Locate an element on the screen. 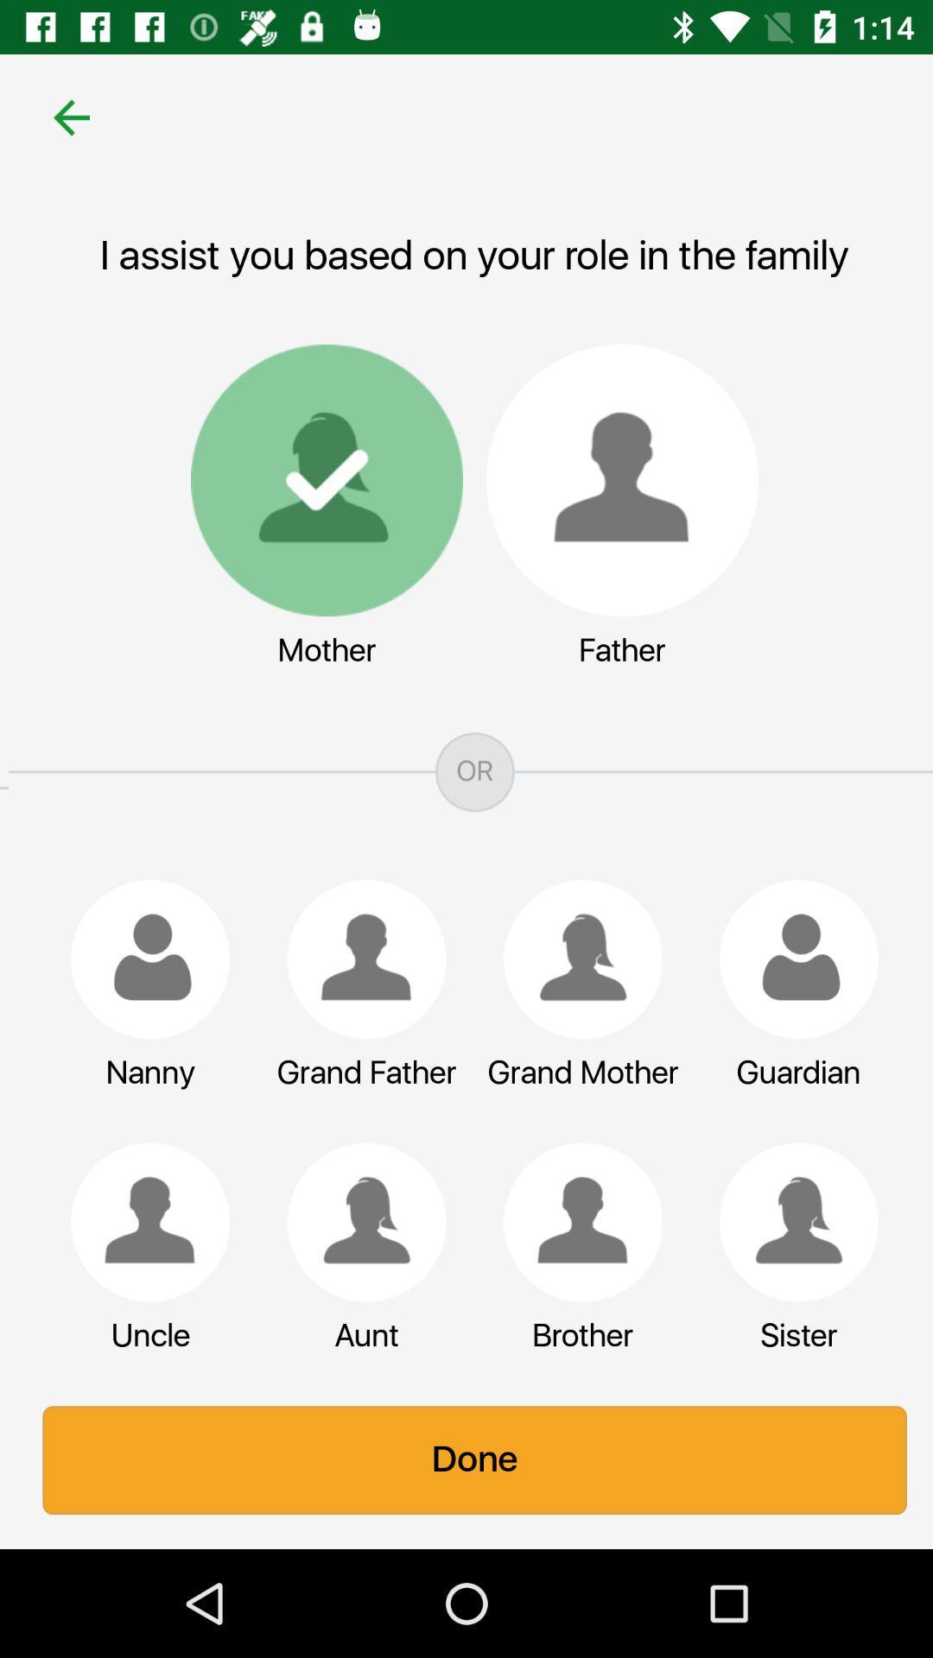 Image resolution: width=933 pixels, height=1658 pixels. guardian option is located at coordinates (790, 959).